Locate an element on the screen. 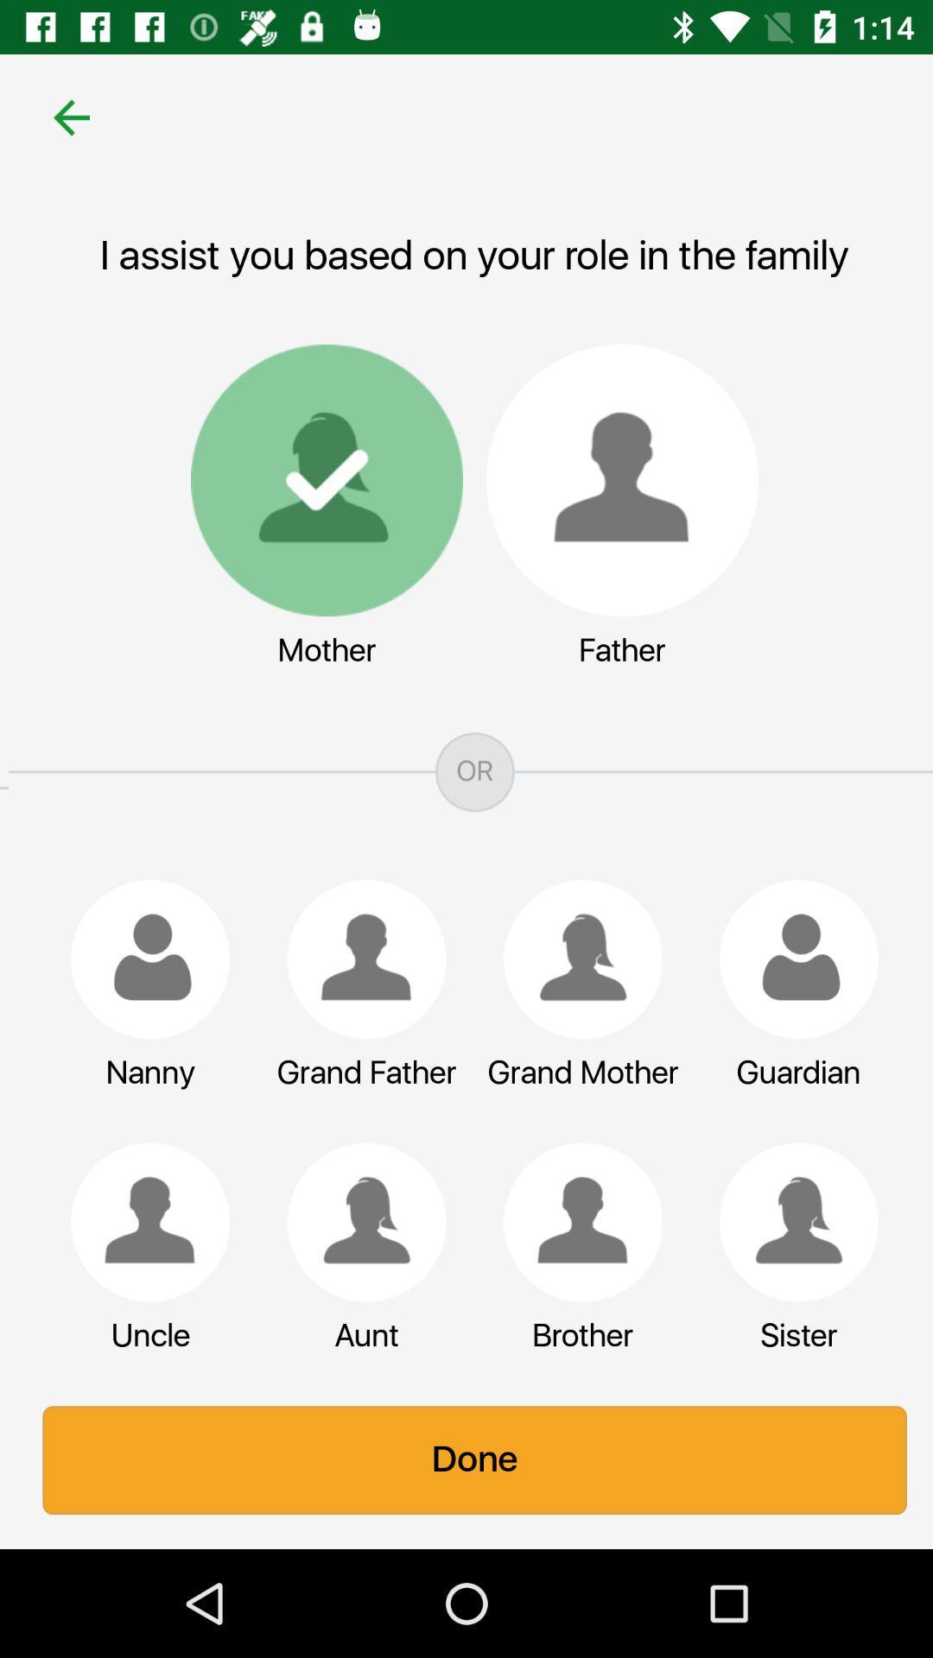 Image resolution: width=933 pixels, height=1658 pixels. guardian option is located at coordinates (790, 959).